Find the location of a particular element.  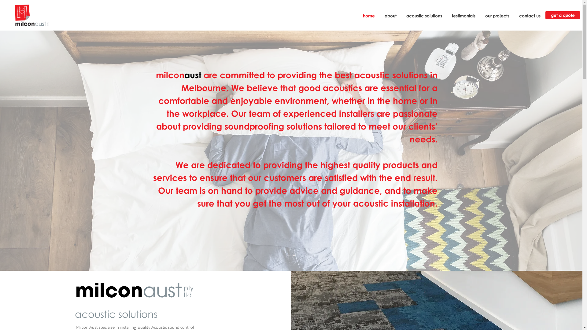

'contact us' is located at coordinates (514, 15).